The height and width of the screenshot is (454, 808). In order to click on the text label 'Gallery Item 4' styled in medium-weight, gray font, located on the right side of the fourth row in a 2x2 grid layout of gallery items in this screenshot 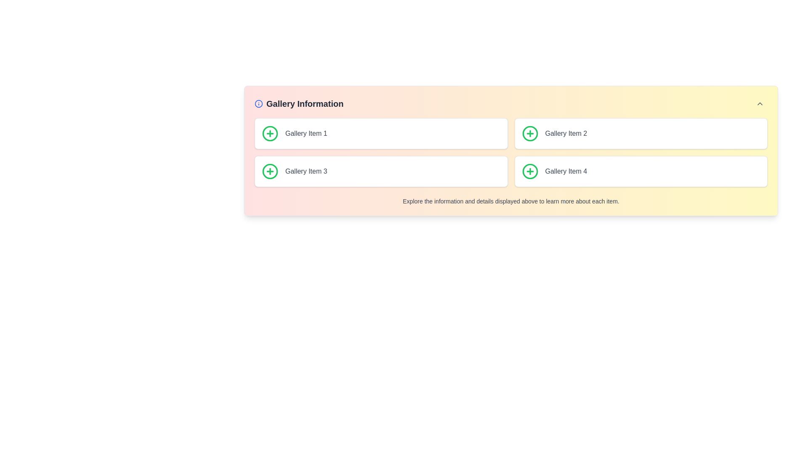, I will do `click(566, 171)`.